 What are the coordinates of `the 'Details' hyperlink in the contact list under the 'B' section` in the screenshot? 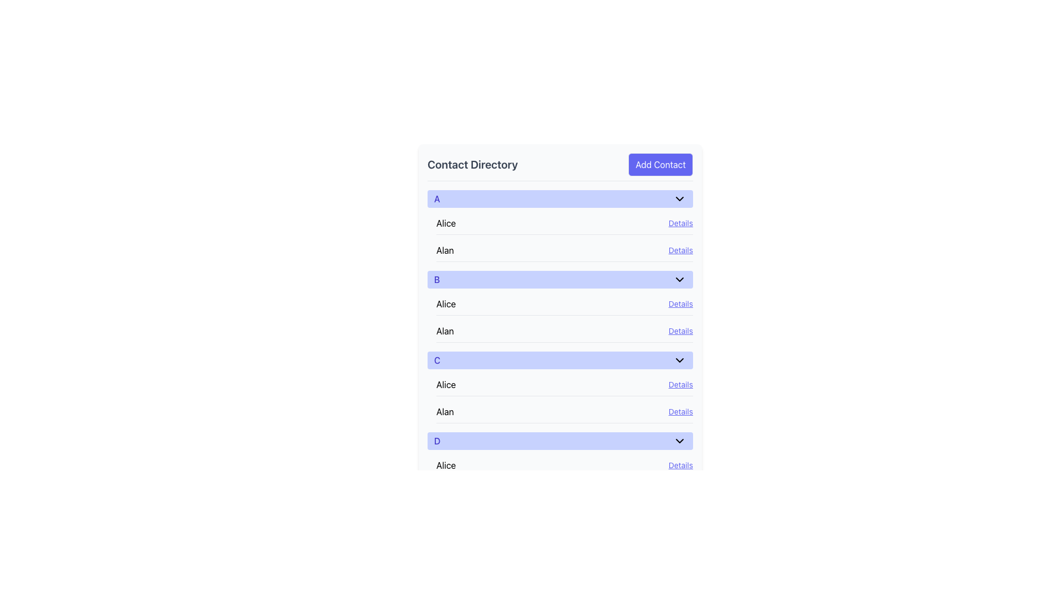 It's located at (565, 317).